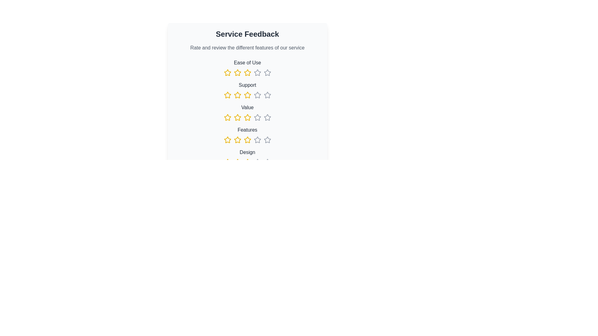  Describe the element at coordinates (247, 107) in the screenshot. I see `the text label 'Value', which is styled with medium font weight and gray color, located in the user feedback section above the row of star icons` at that location.